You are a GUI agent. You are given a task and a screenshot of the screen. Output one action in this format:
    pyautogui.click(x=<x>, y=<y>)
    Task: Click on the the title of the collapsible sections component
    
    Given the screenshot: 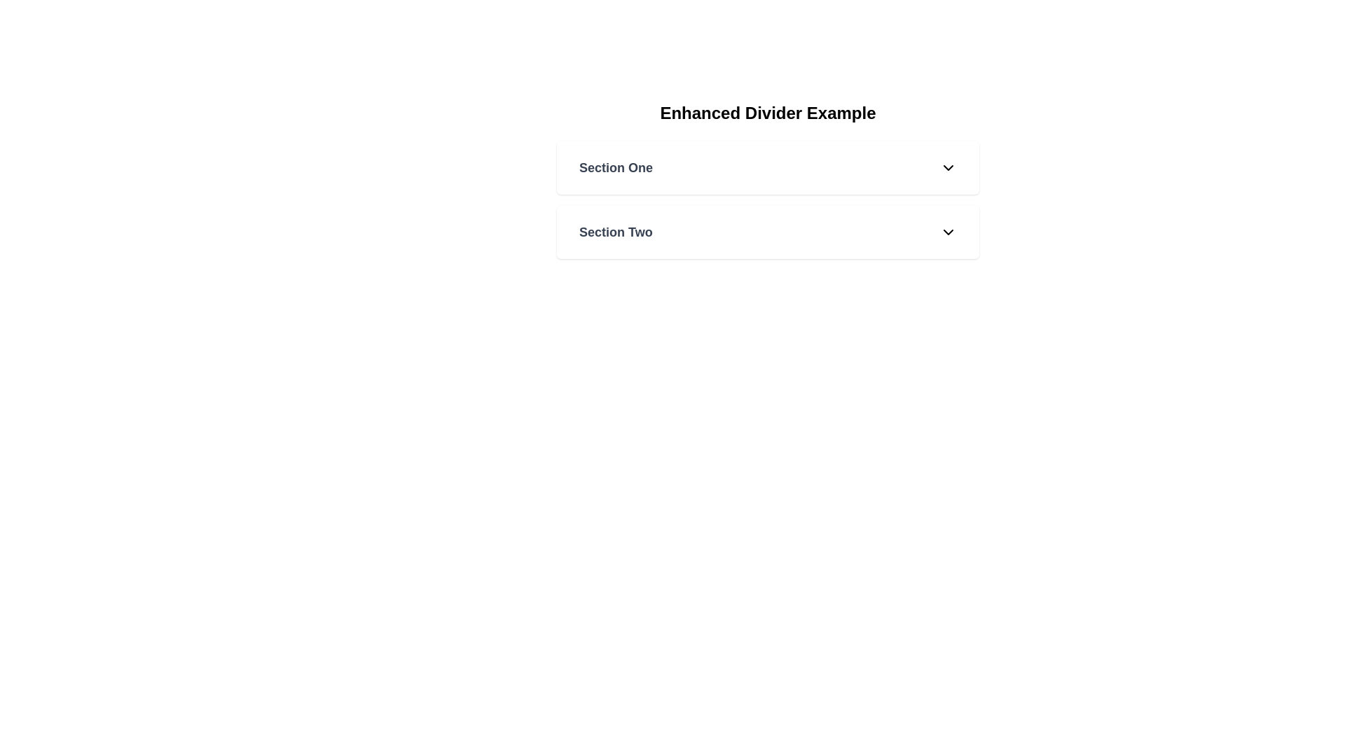 What is the action you would take?
    pyautogui.click(x=767, y=180)
    